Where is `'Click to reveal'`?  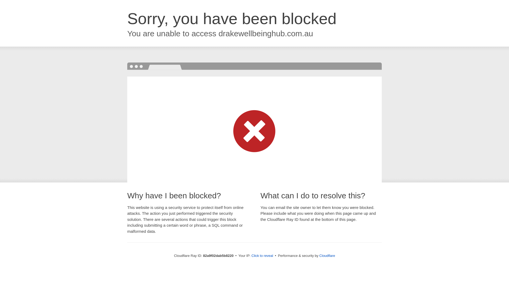
'Click to reveal' is located at coordinates (262, 255).